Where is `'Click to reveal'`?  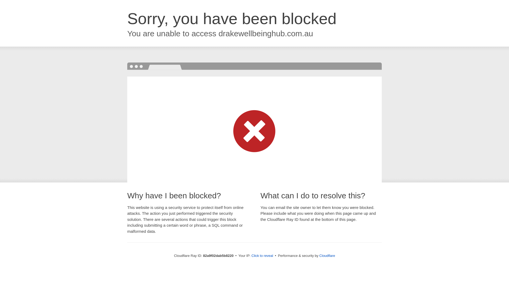
'Click to reveal' is located at coordinates (262, 255).